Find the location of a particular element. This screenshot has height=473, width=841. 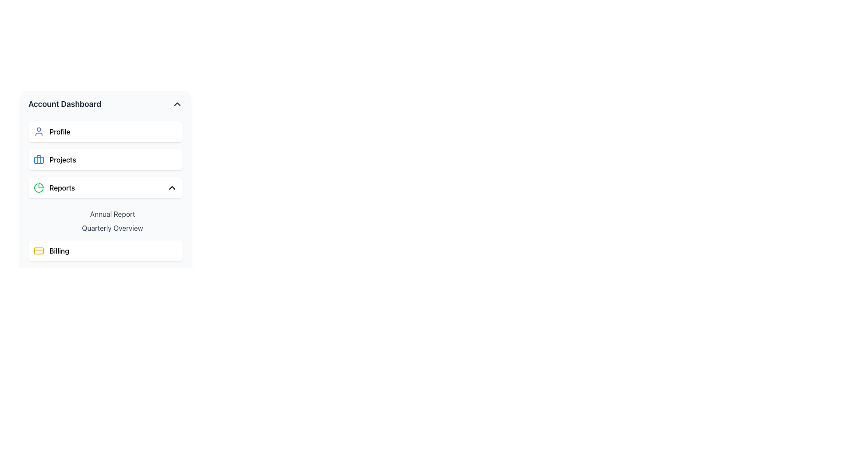

the 'Billing' menu item icon located at the bottom of the navigation panel in the 'Account Dashboard' is located at coordinates (39, 251).